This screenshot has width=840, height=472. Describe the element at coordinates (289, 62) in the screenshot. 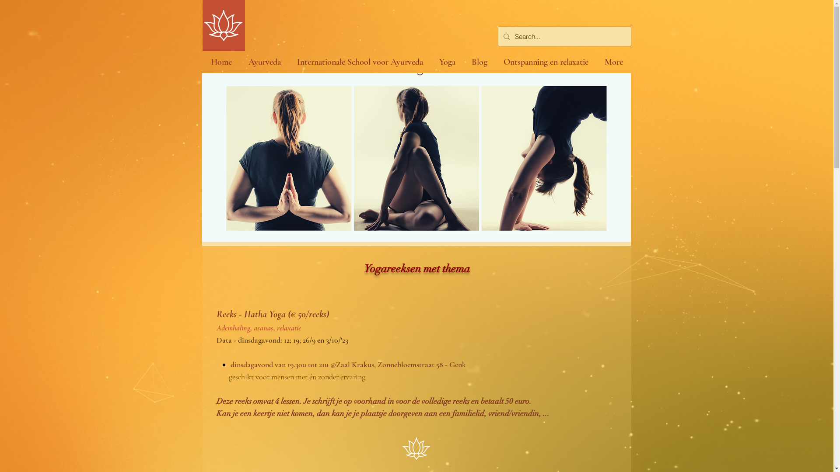

I see `'Internationale School voor Ayurveda'` at that location.